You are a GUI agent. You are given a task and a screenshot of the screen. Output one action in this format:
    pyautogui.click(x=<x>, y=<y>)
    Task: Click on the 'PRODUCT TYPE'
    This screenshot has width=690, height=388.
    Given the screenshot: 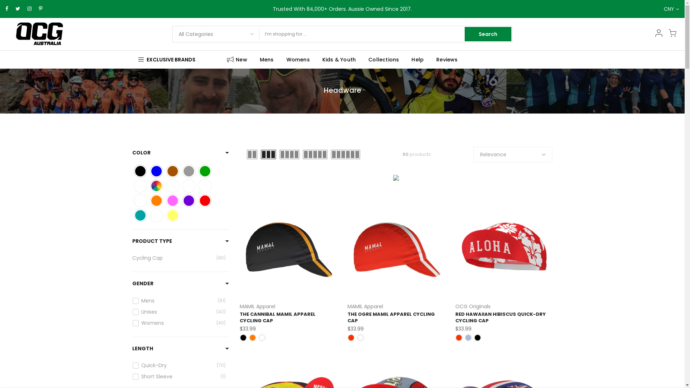 What is the action you would take?
    pyautogui.click(x=132, y=241)
    